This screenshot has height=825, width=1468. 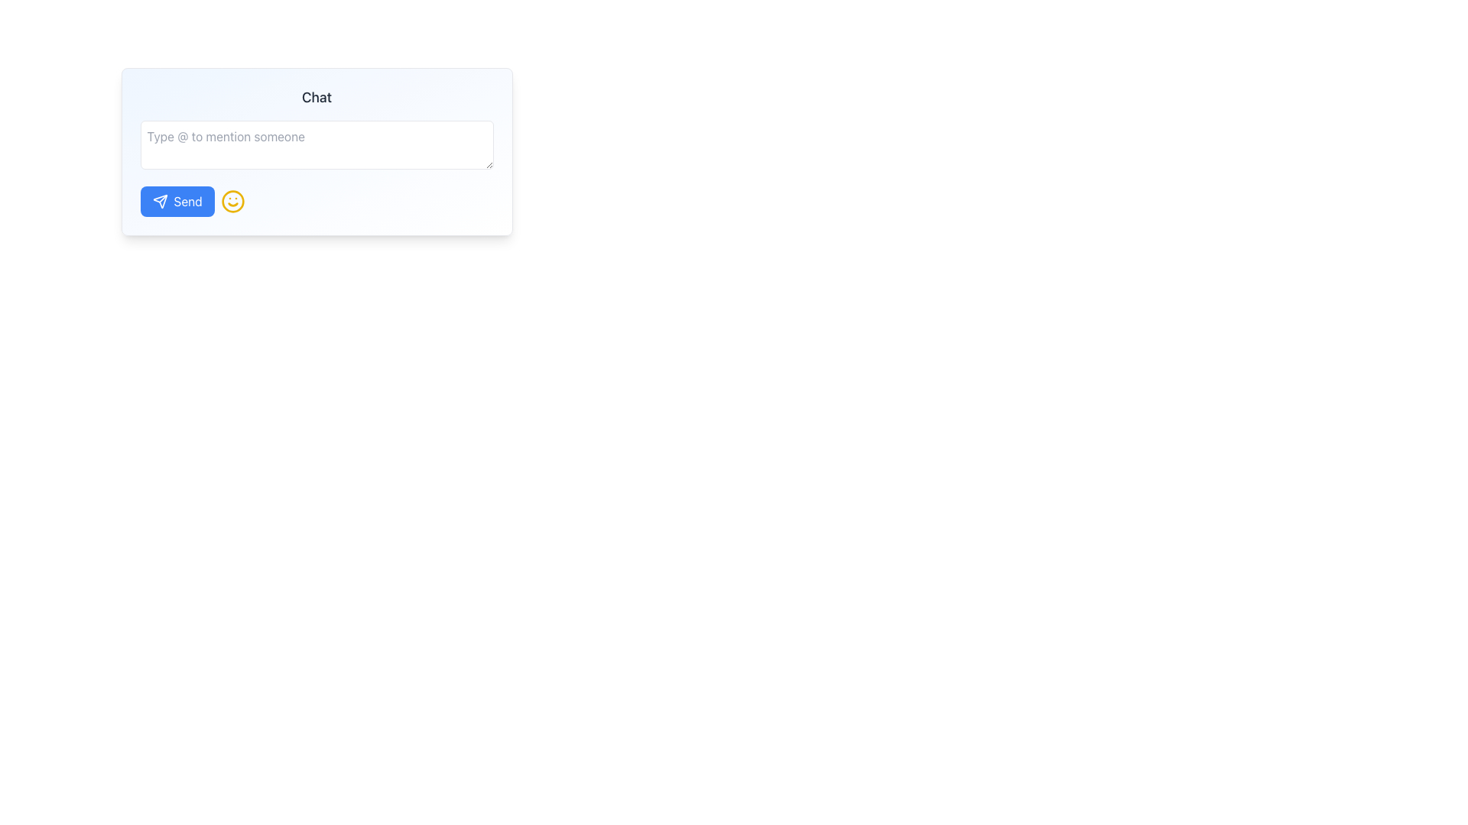 What do you see at coordinates (160, 200) in the screenshot?
I see `the small graphical icon resembling a paper airplane located to the left of the 'Send' label within the 'Send' button` at bounding box center [160, 200].